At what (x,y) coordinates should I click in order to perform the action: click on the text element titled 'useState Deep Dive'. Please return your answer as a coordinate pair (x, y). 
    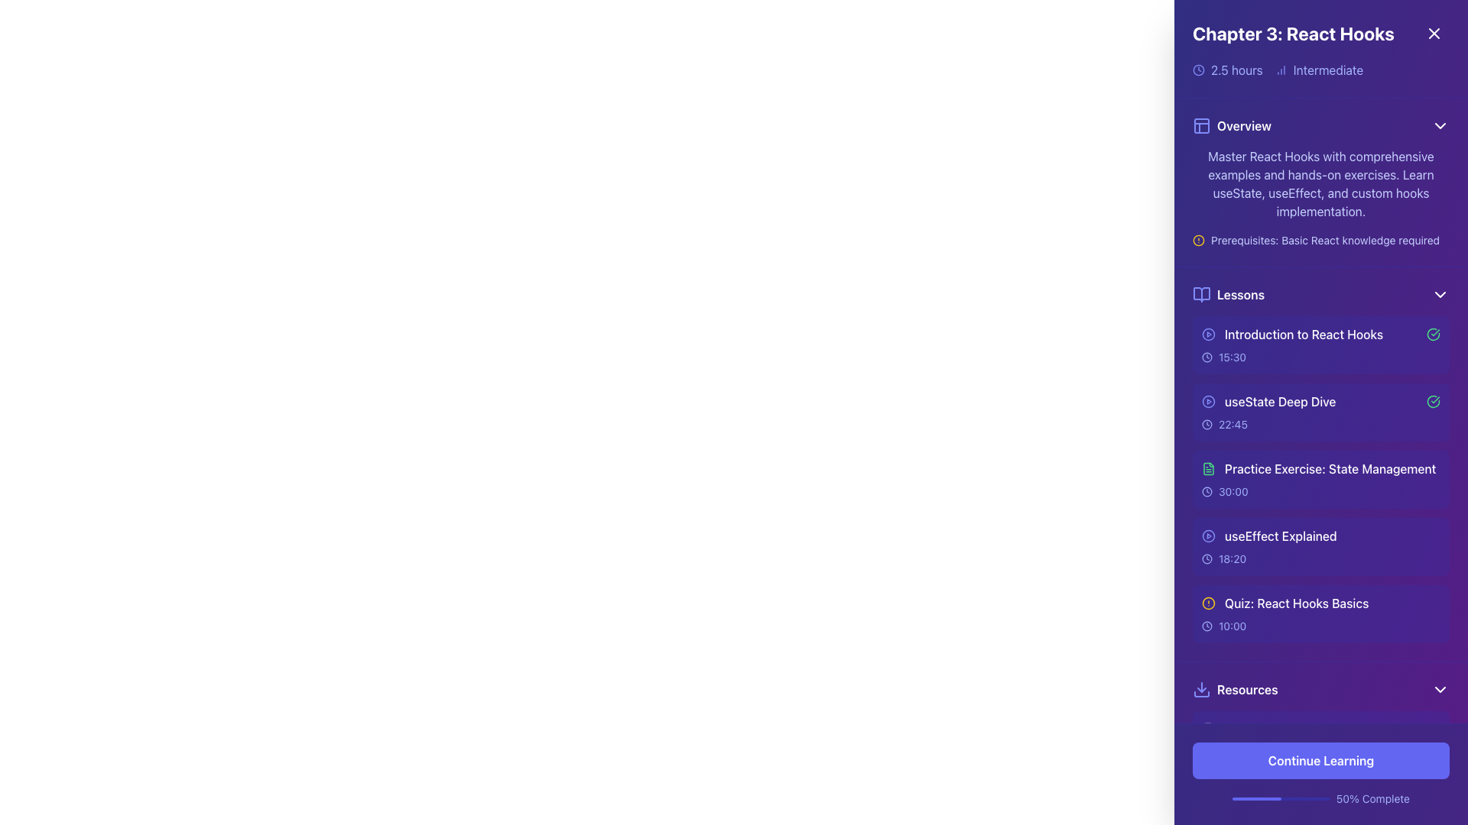
    Looking at the image, I should click on (1268, 400).